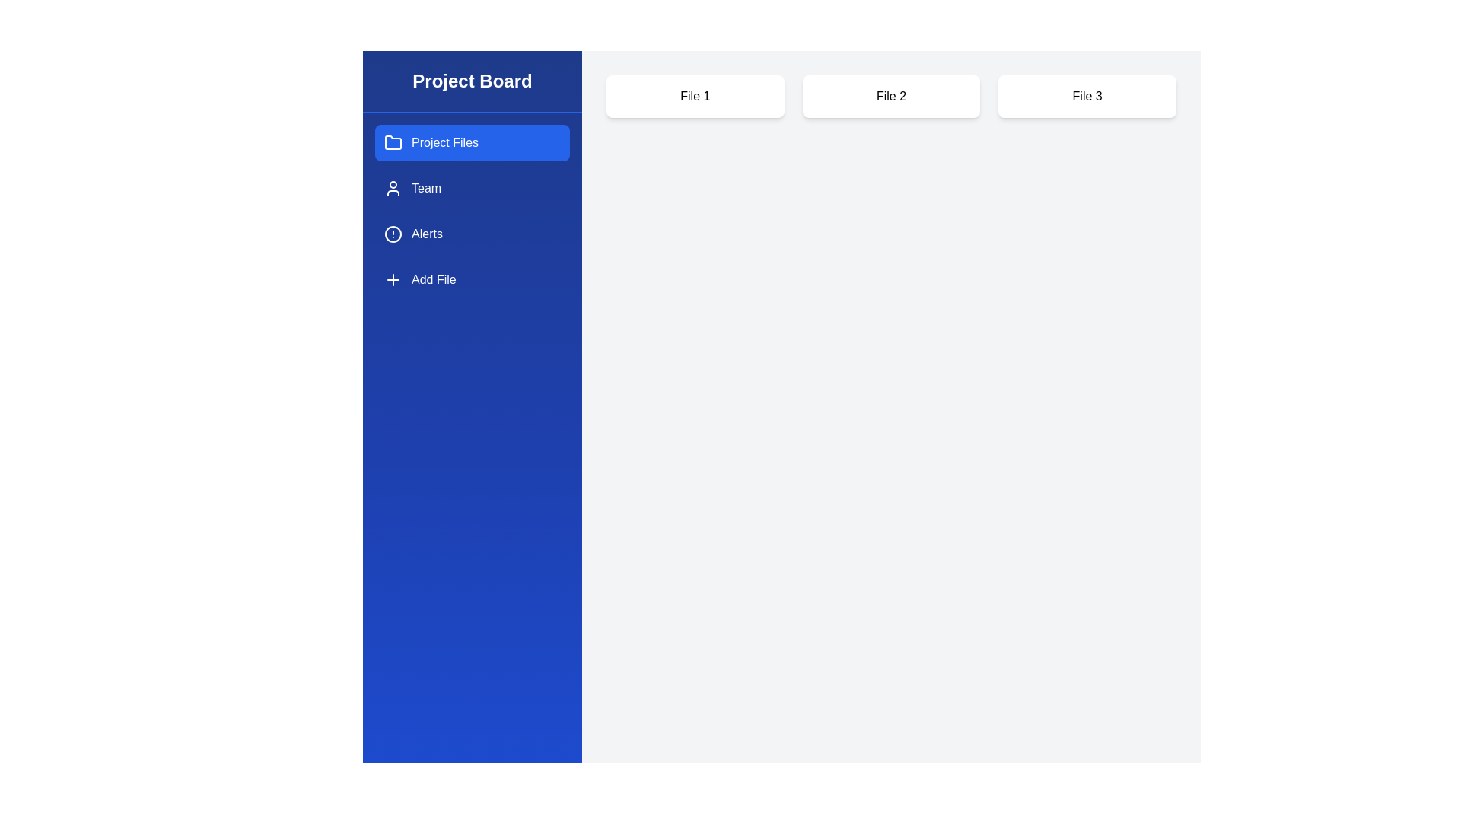 The width and height of the screenshot is (1461, 822). What do you see at coordinates (471, 187) in the screenshot?
I see `the navigation button in the left sidebar that leads to Team management or overview, which is located second below 'Project Files' and above 'Alerts'` at bounding box center [471, 187].